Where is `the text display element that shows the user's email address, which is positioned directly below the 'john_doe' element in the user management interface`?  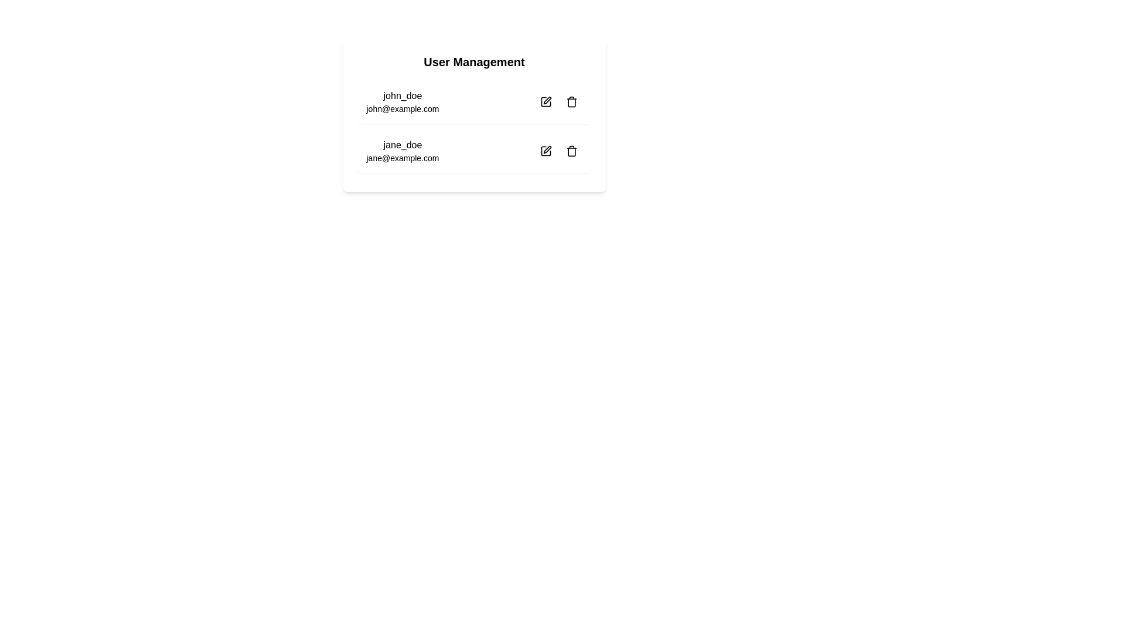
the text display element that shows the user's email address, which is positioned directly below the 'john_doe' element in the user management interface is located at coordinates (403, 108).